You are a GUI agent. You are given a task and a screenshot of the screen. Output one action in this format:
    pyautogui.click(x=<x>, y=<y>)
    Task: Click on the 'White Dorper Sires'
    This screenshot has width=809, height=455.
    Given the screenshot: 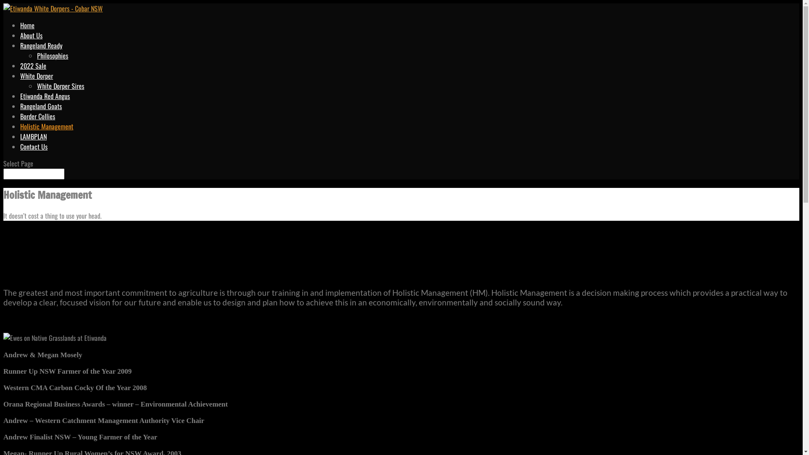 What is the action you would take?
    pyautogui.click(x=60, y=86)
    